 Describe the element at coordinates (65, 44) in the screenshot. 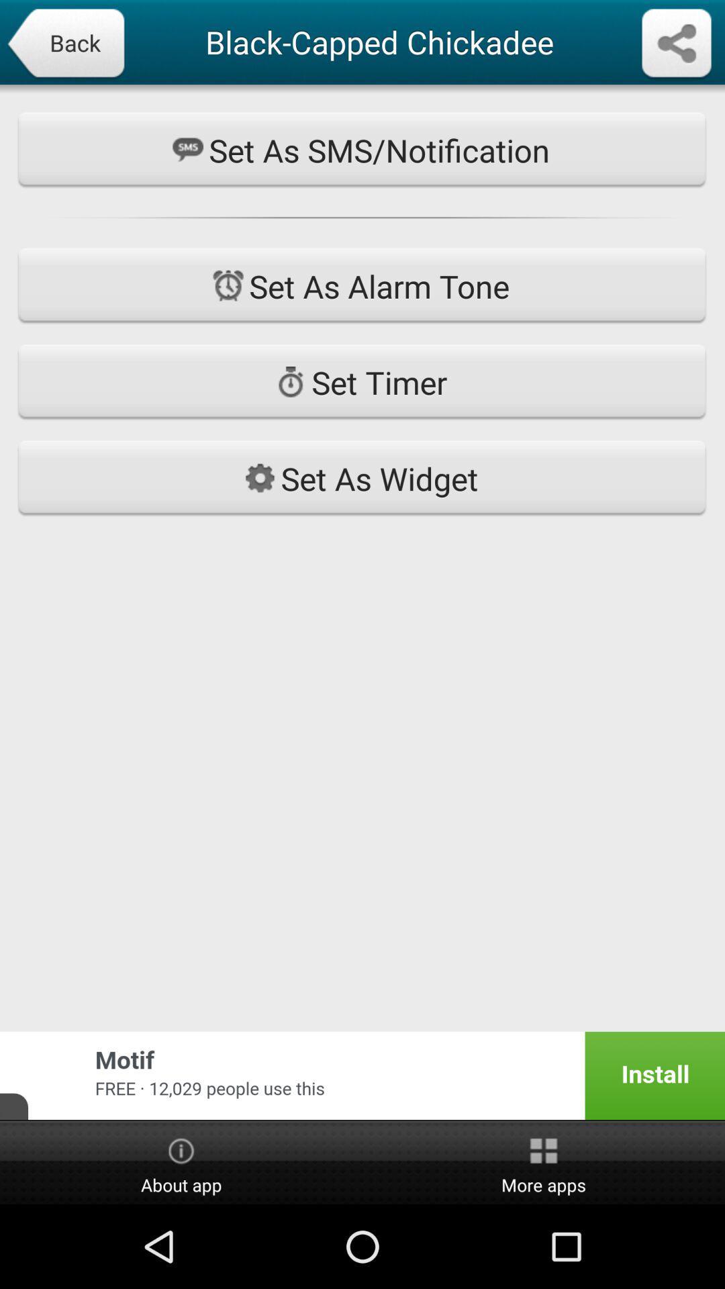

I see `the item next to the black-capped chickadee item` at that location.